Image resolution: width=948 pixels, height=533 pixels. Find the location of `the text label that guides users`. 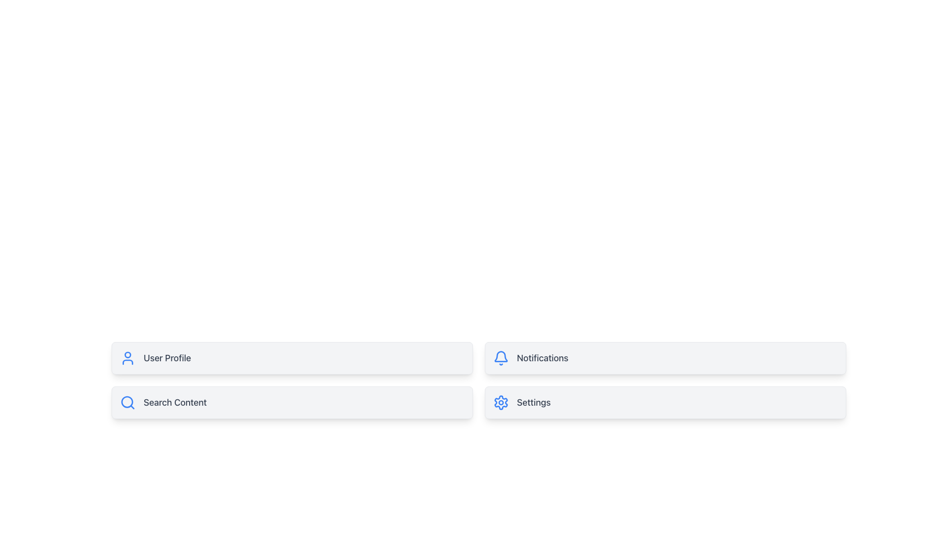

the text label that guides users is located at coordinates (167, 358).